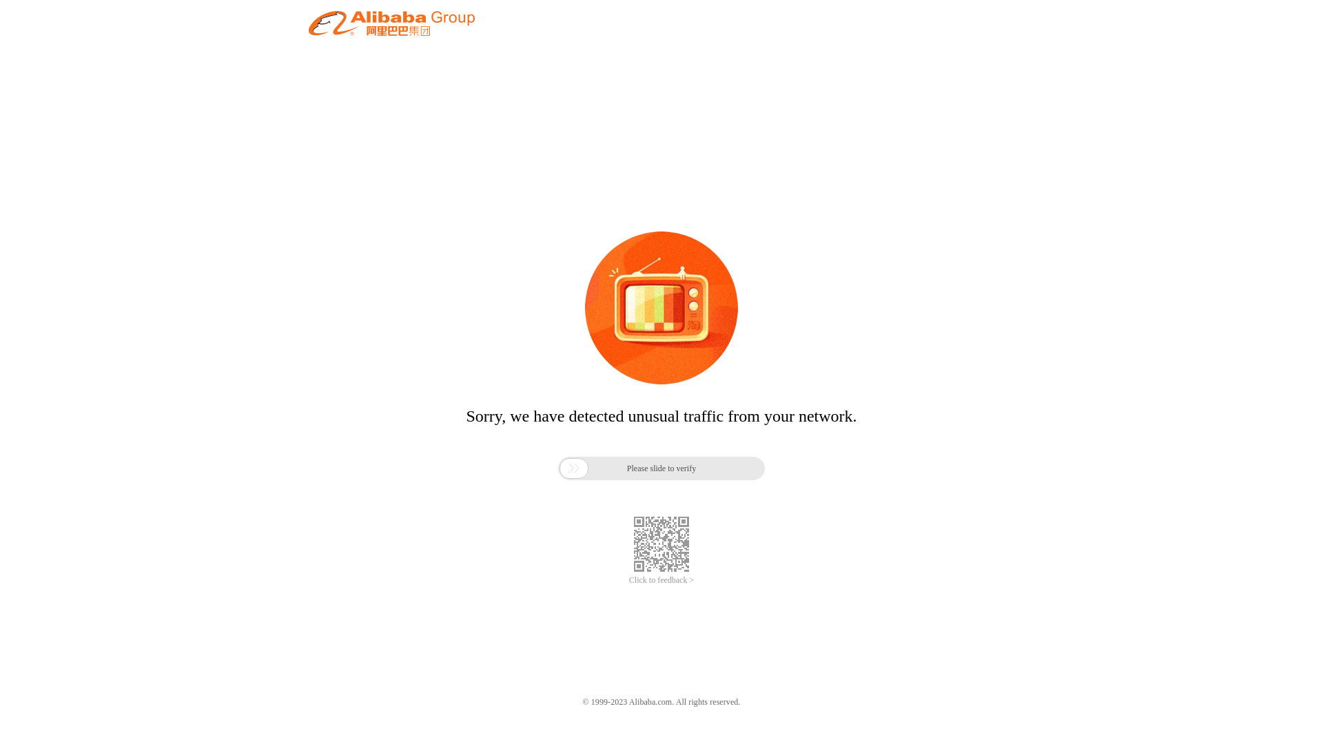  Describe the element at coordinates (661, 580) in the screenshot. I see `'Click to feedback >'` at that location.